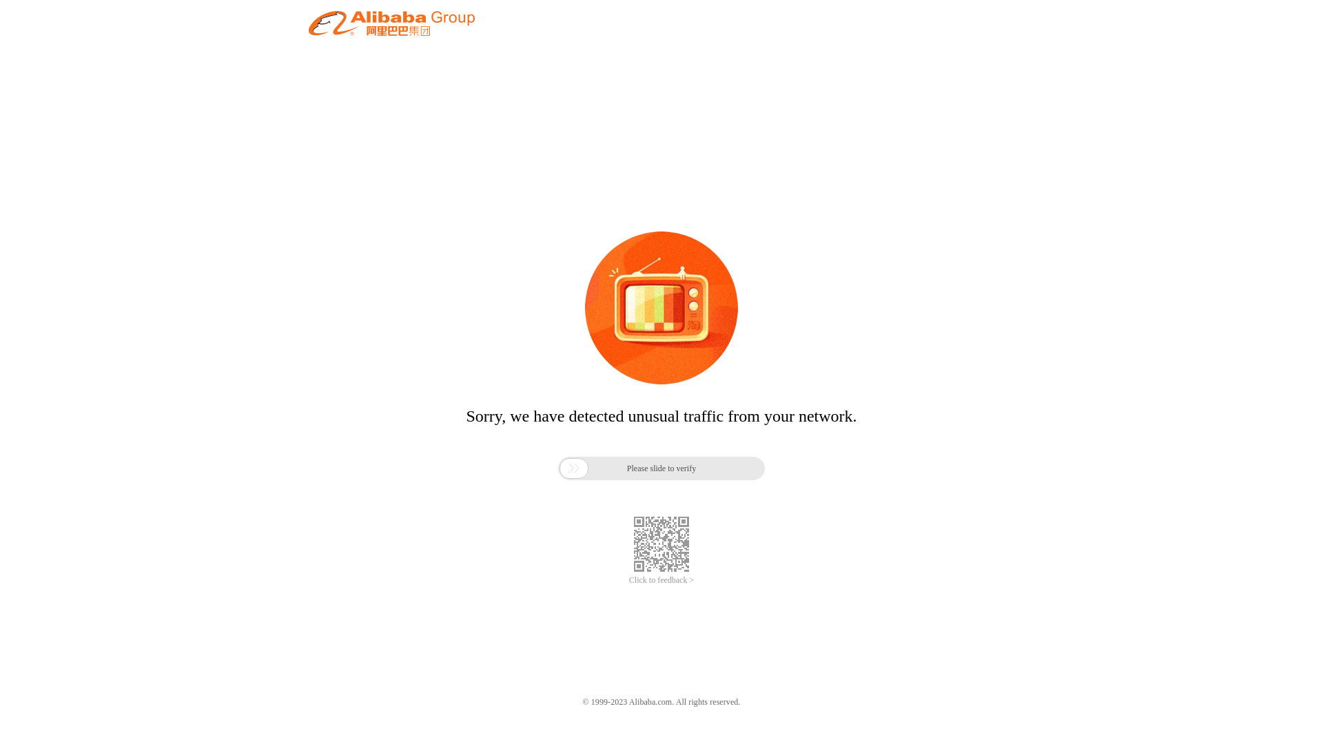  Describe the element at coordinates (661, 580) in the screenshot. I see `'Click to feedback >'` at that location.